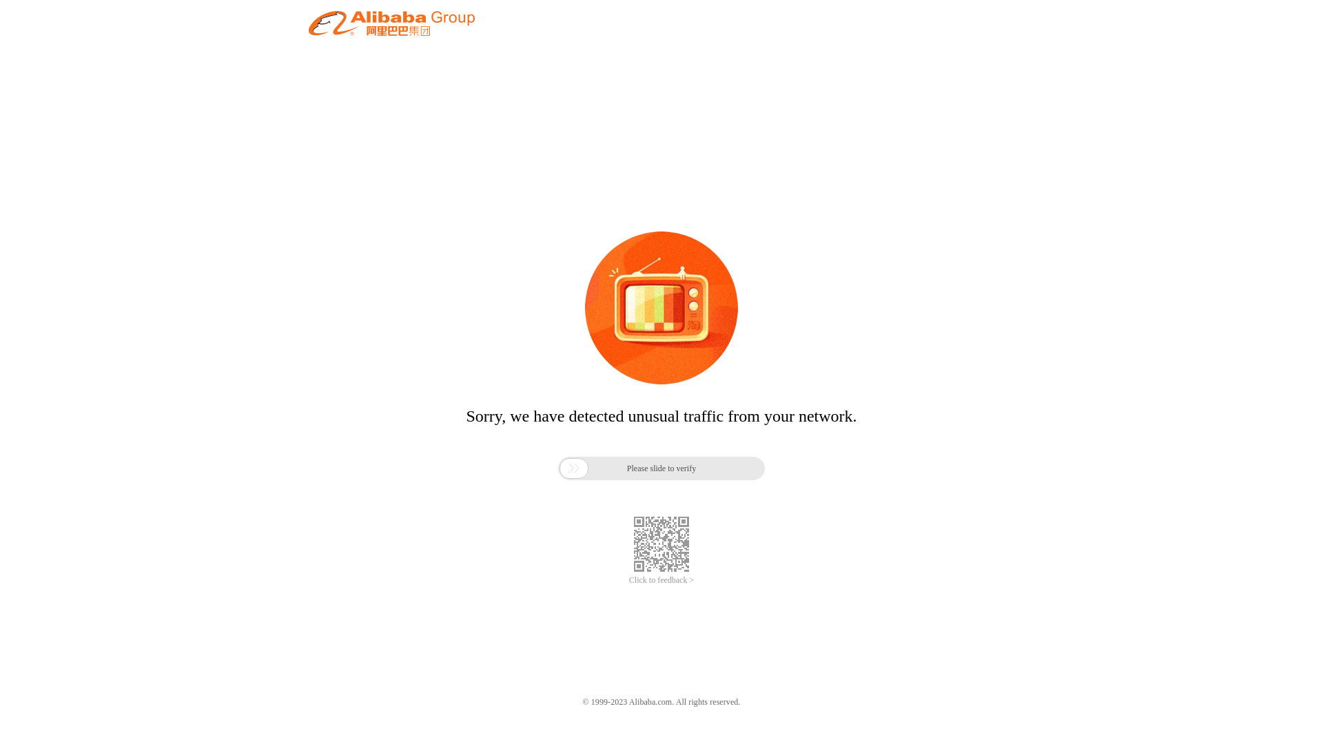  Describe the element at coordinates (661, 580) in the screenshot. I see `'Click to feedback >'` at that location.